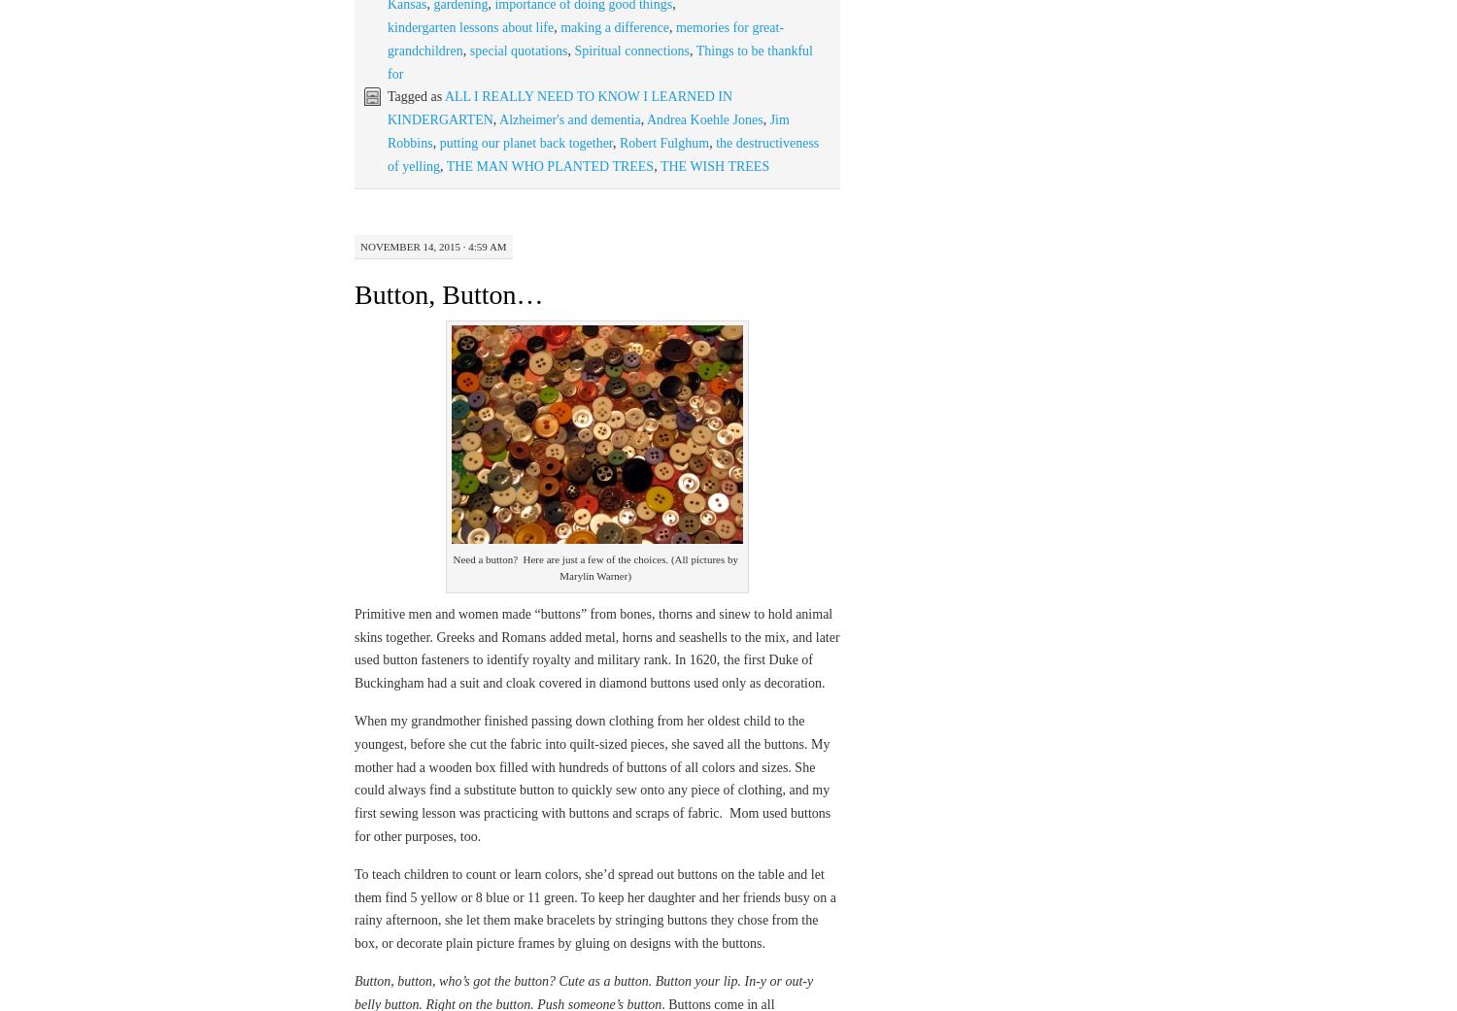 The height and width of the screenshot is (1011, 1457). What do you see at coordinates (415, 95) in the screenshot?
I see `'Tagged as'` at bounding box center [415, 95].